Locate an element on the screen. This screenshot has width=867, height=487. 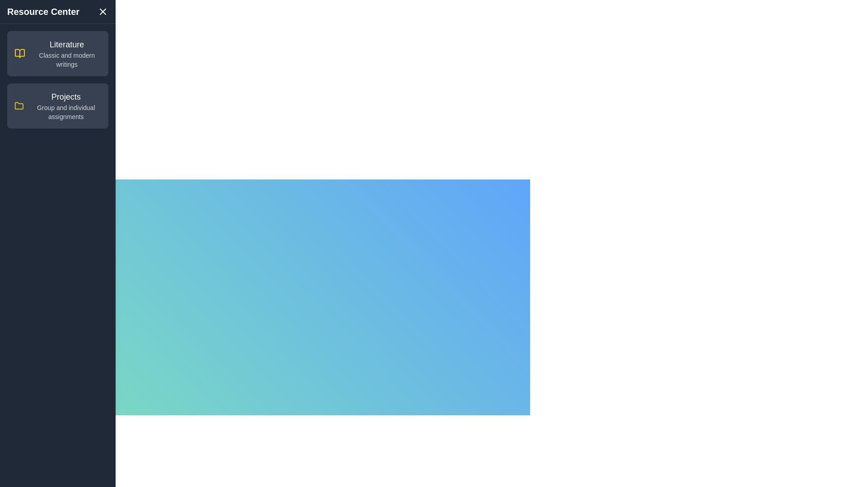
the 'Literature' category to view its details is located at coordinates (57, 54).